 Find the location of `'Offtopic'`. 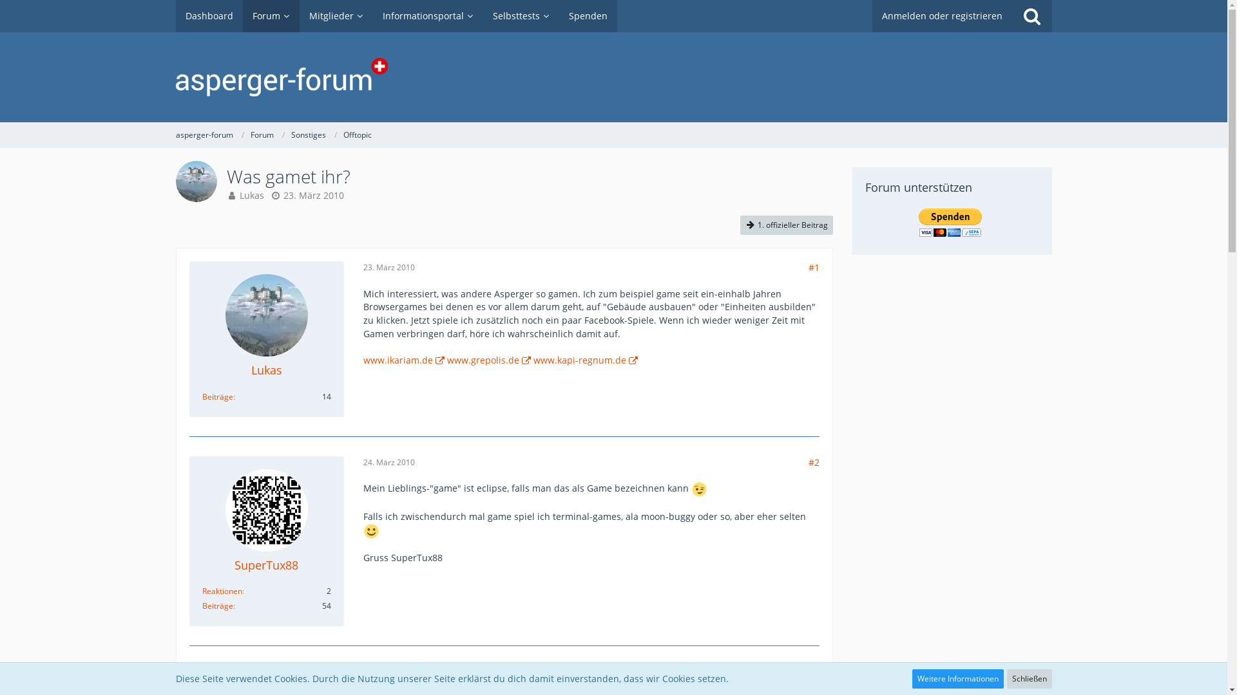

'Offtopic' is located at coordinates (356, 134).